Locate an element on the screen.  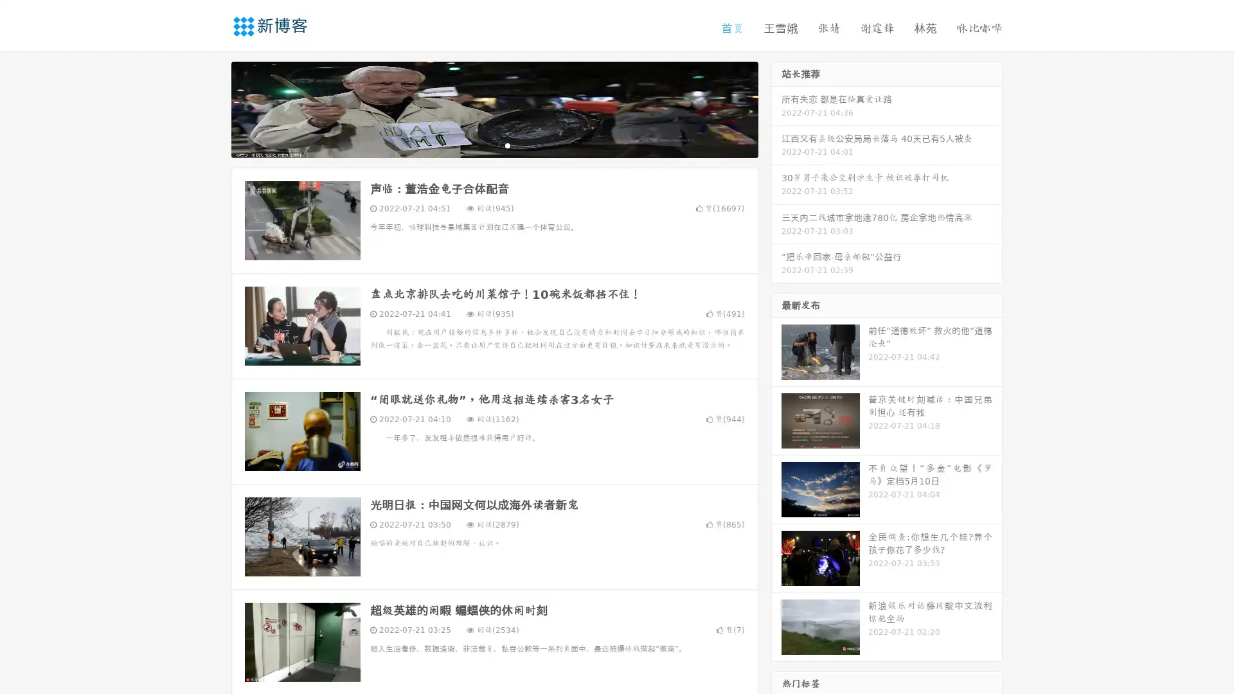
Go to slide 2 is located at coordinates (494, 145).